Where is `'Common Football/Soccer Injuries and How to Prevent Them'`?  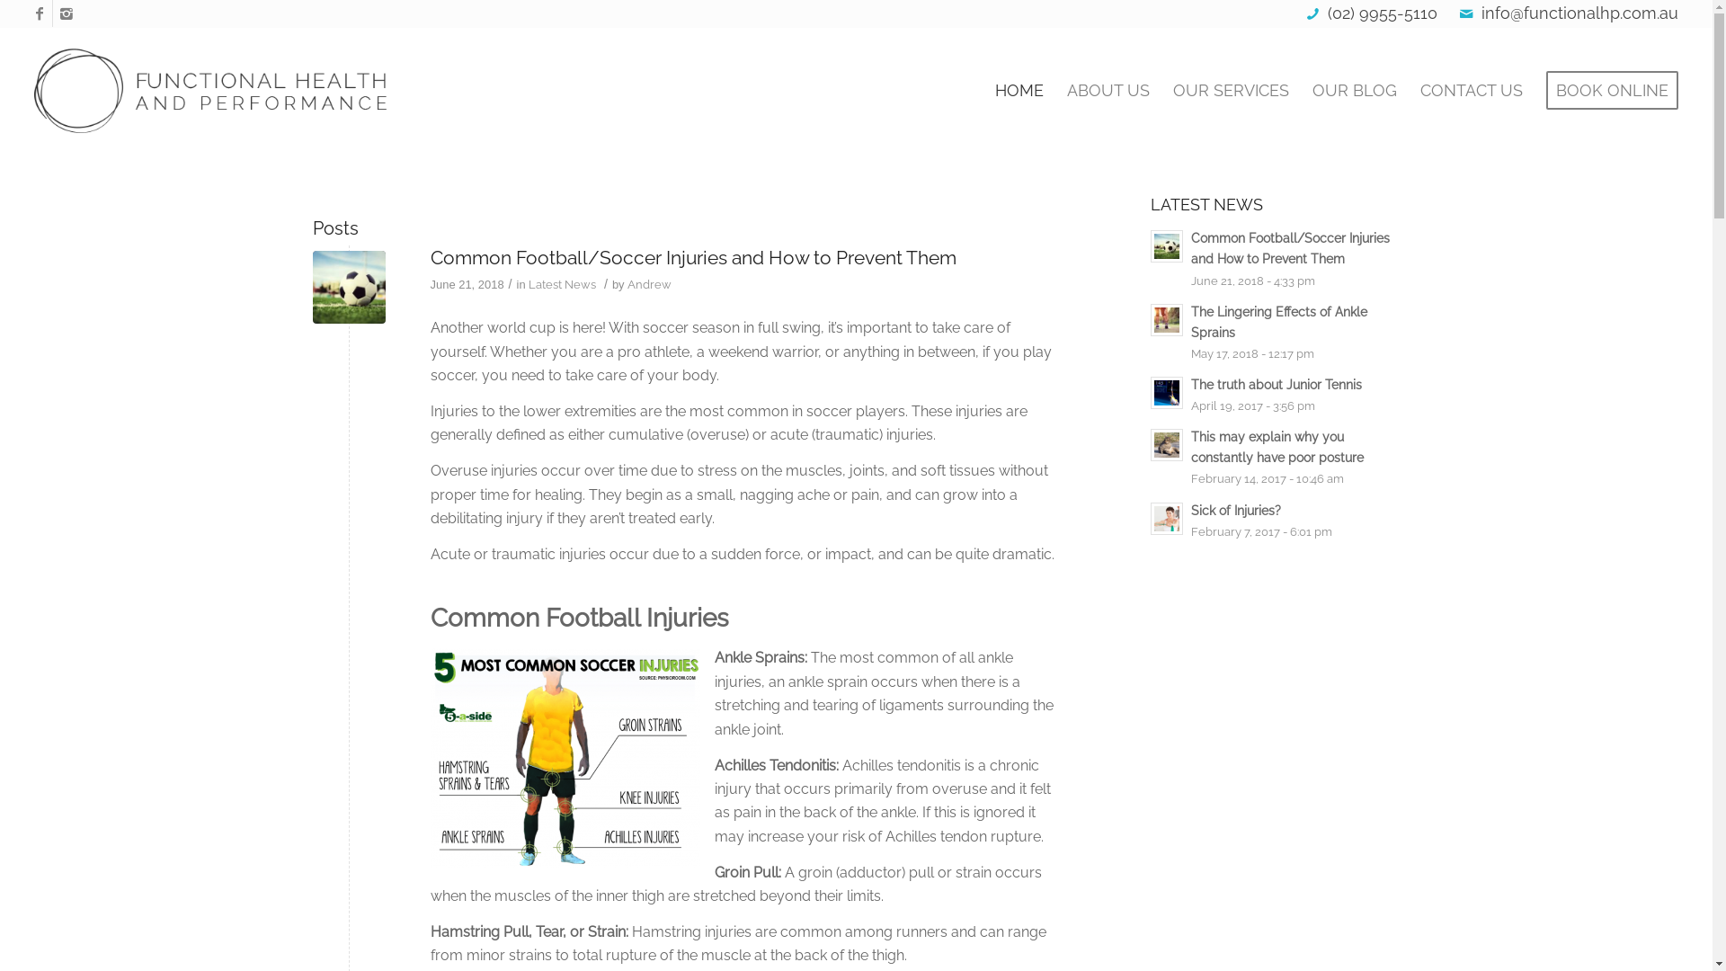
'Common Football/Soccer Injuries and How to Prevent Them' is located at coordinates (349, 286).